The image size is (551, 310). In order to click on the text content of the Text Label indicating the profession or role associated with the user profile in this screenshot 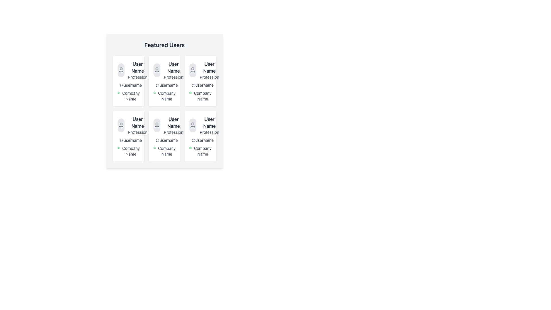, I will do `click(138, 77)`.